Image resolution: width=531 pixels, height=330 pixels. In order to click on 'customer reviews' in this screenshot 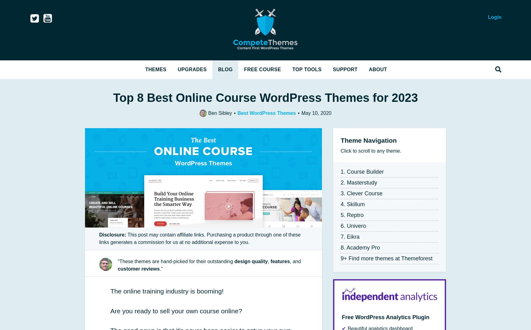, I will do `click(138, 268)`.